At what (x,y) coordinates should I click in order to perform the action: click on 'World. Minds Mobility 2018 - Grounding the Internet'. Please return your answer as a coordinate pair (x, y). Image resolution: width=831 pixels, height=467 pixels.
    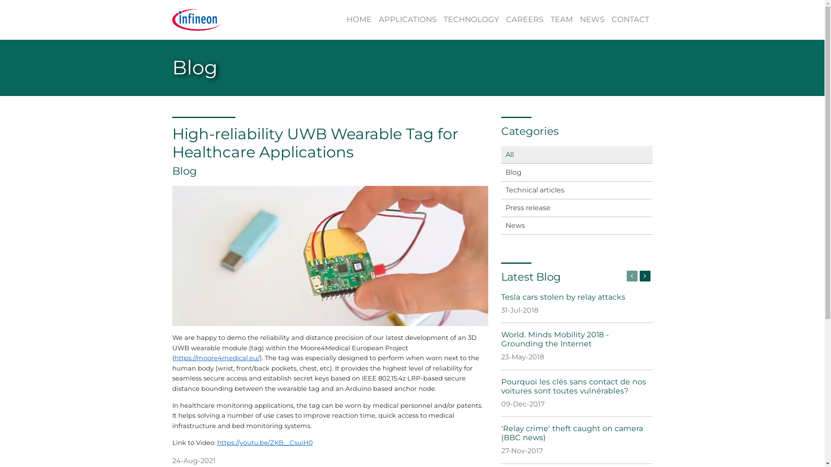
    Looking at the image, I should click on (501, 338).